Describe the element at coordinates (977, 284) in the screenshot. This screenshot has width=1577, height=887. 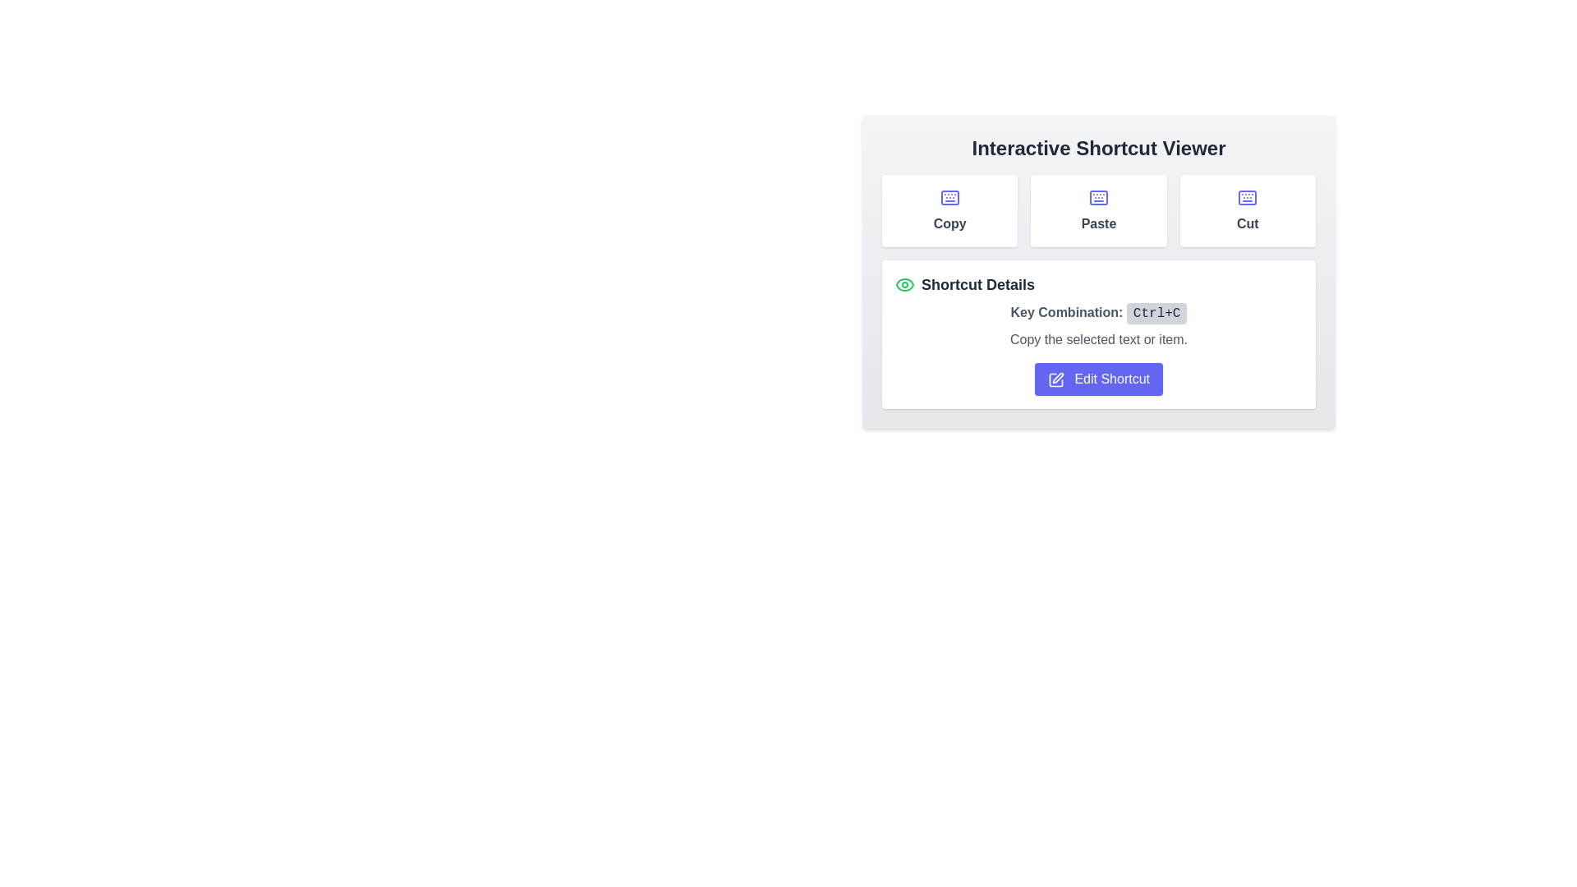
I see `the bold text label reading 'Shortcut Details' located next to the eye icon in the 'Interactive Shortcut Viewer' section` at that location.